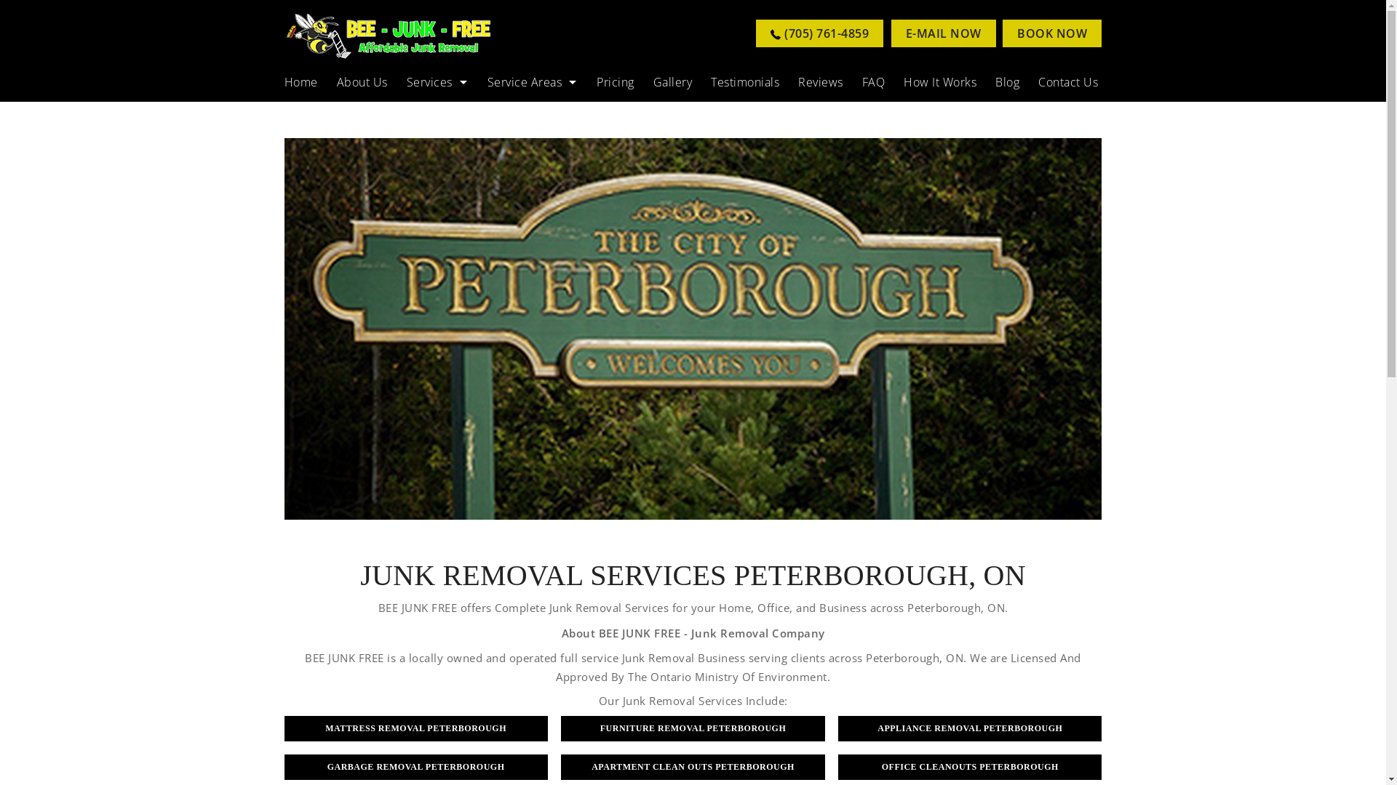 The height and width of the screenshot is (785, 1397). I want to click on 'E-MAIL NOW', so click(943, 33).